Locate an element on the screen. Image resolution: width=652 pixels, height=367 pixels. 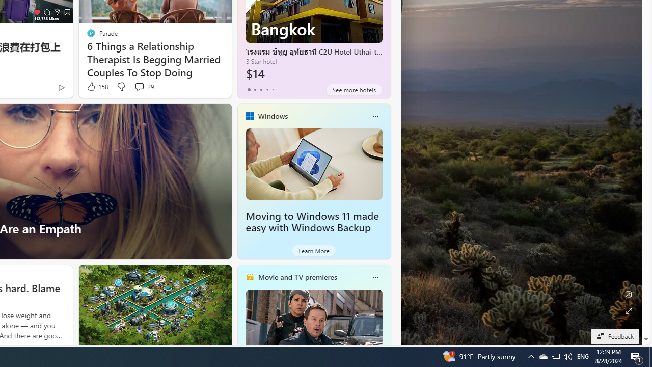
'Dislike' is located at coordinates (121, 86).